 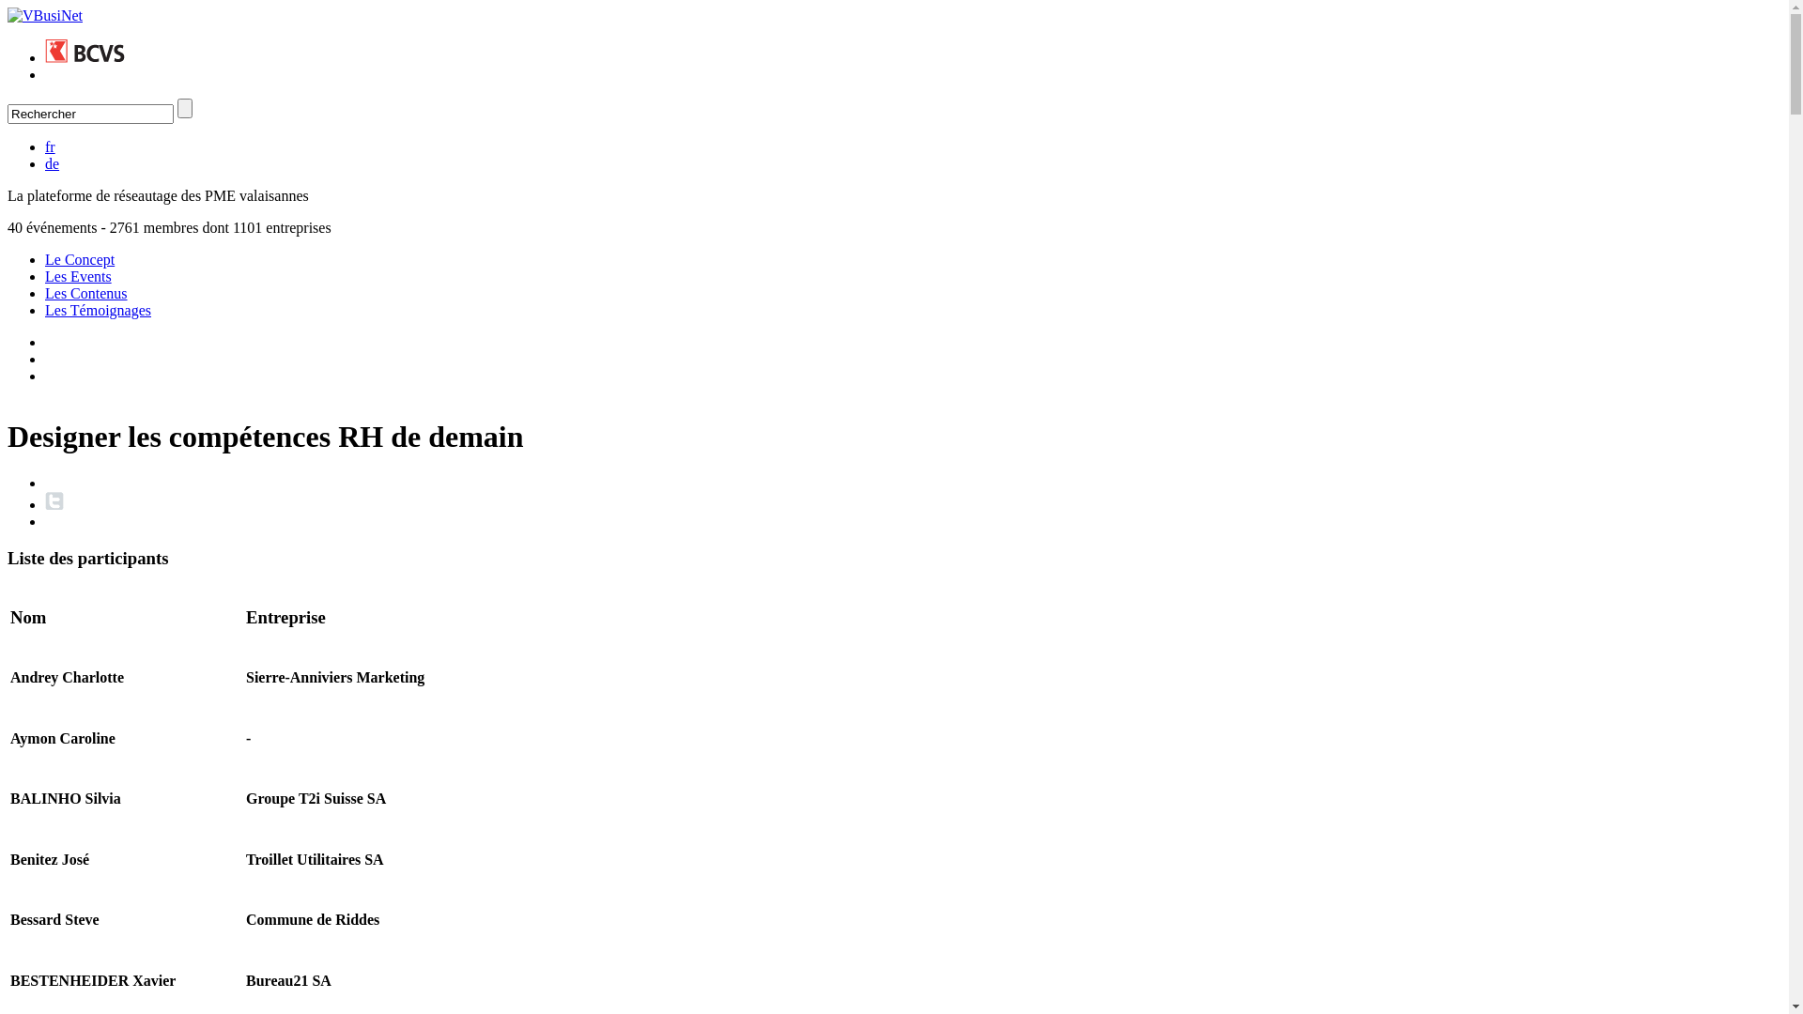 What do you see at coordinates (79, 259) in the screenshot?
I see `'Le Concept'` at bounding box center [79, 259].